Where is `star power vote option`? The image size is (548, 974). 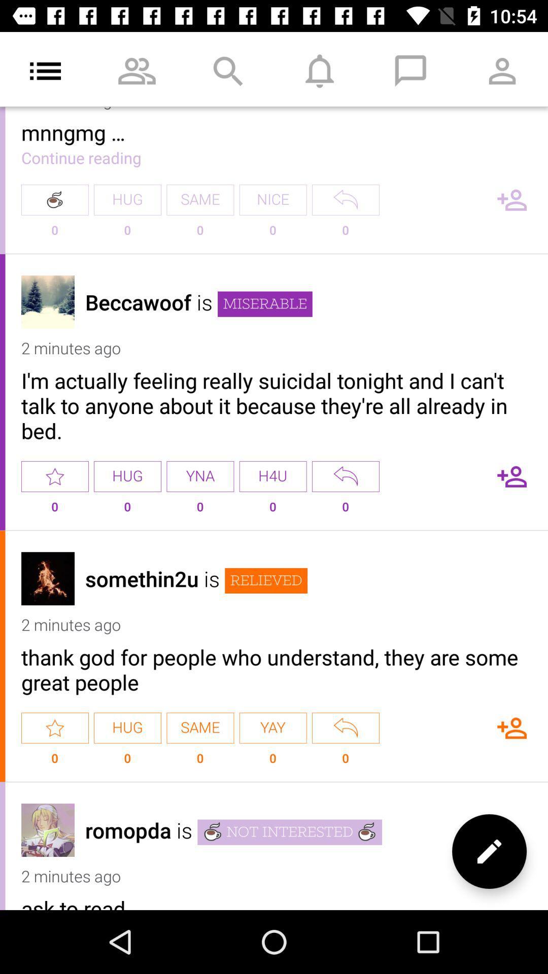 star power vote option is located at coordinates (55, 727).